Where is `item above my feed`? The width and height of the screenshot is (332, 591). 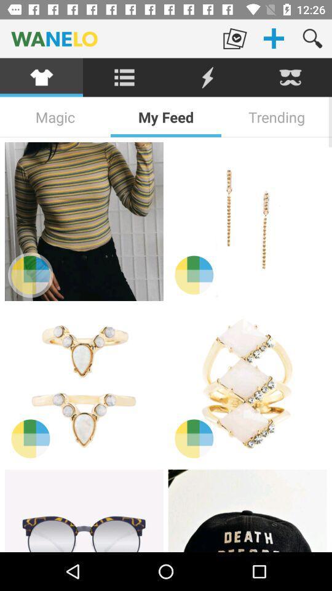
item above my feed is located at coordinates (207, 77).